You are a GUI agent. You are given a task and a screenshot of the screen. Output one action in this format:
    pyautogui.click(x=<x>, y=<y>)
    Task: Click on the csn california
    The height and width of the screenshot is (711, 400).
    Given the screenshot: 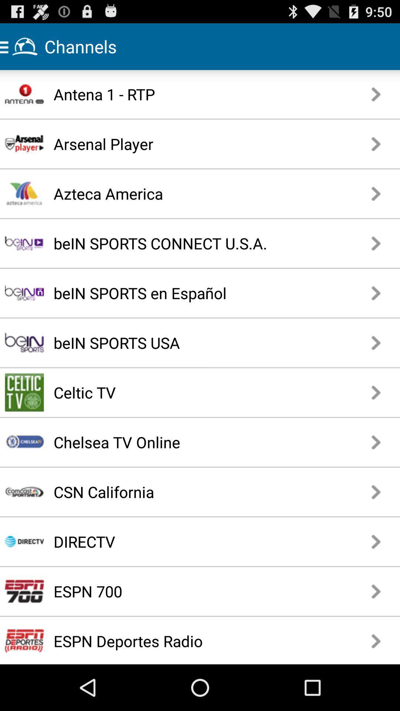 What is the action you would take?
    pyautogui.click(x=179, y=492)
    